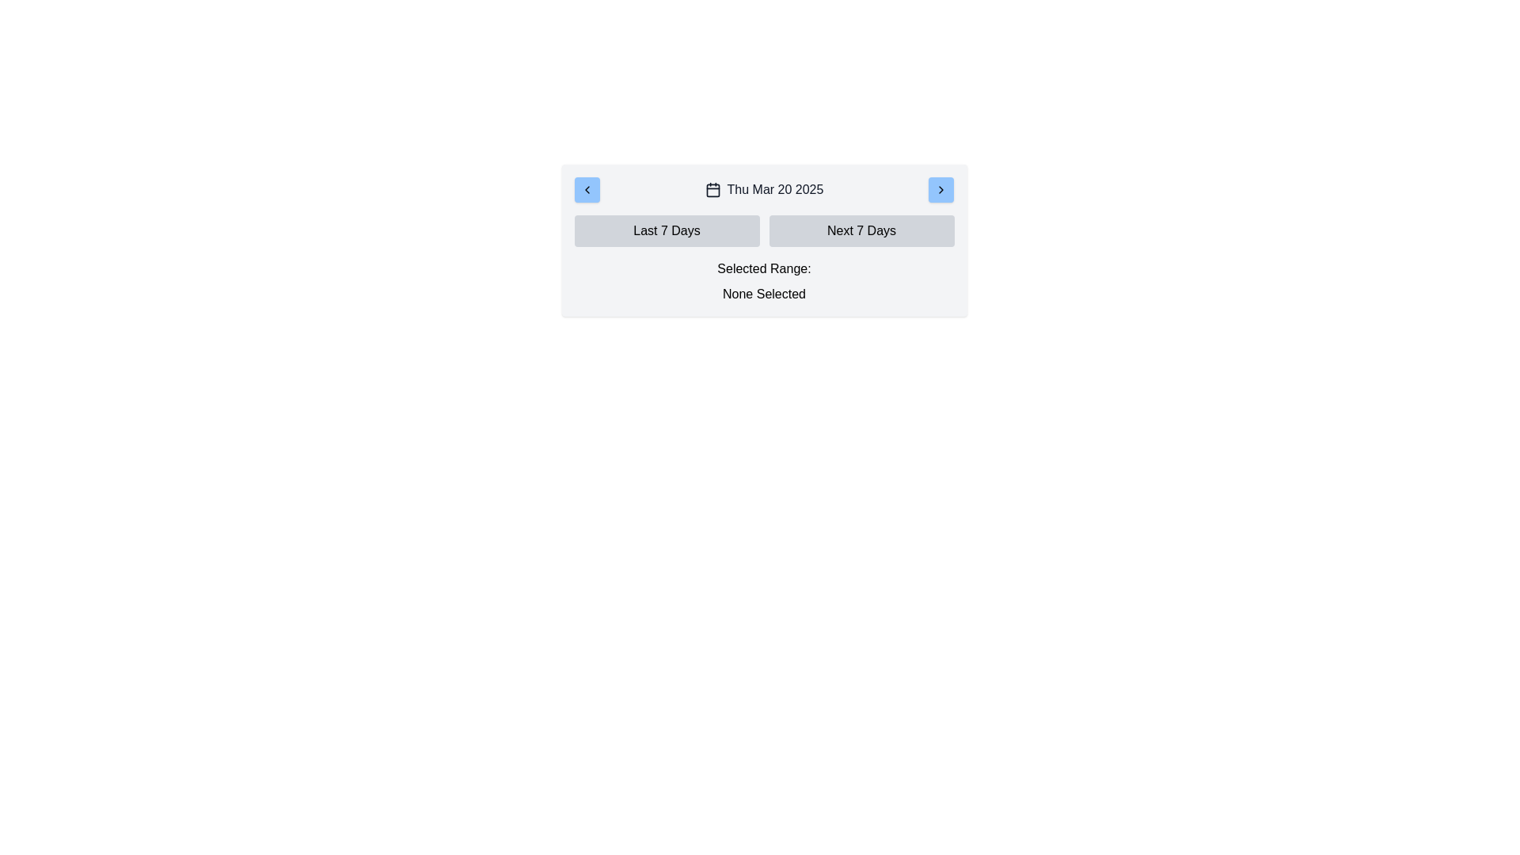 The width and height of the screenshot is (1520, 855). I want to click on the Date Display Component, which shows the date 'Thu Mar 20 2025' alongside a calendar icon on the left, positioned centrally between navigation buttons, so click(764, 188).